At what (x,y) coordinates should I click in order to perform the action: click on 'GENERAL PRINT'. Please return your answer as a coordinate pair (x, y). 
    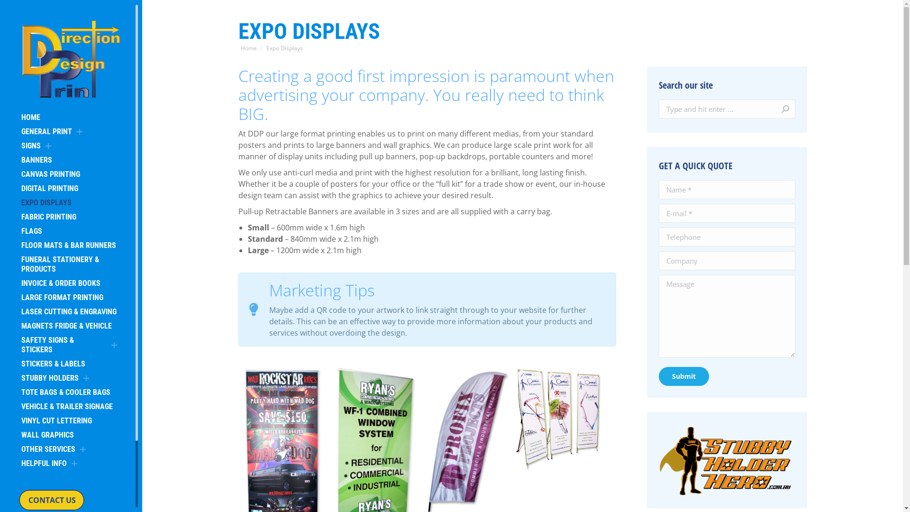
    Looking at the image, I should click on (18, 131).